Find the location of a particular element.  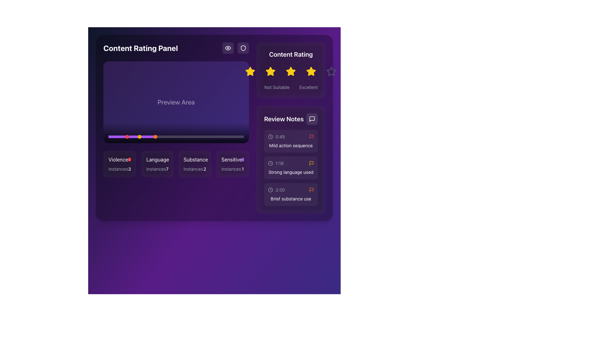

the descriptive text label located at the bottom of the 'Review Notes' section, which provides context related to the preceding timestamp is located at coordinates (291, 199).